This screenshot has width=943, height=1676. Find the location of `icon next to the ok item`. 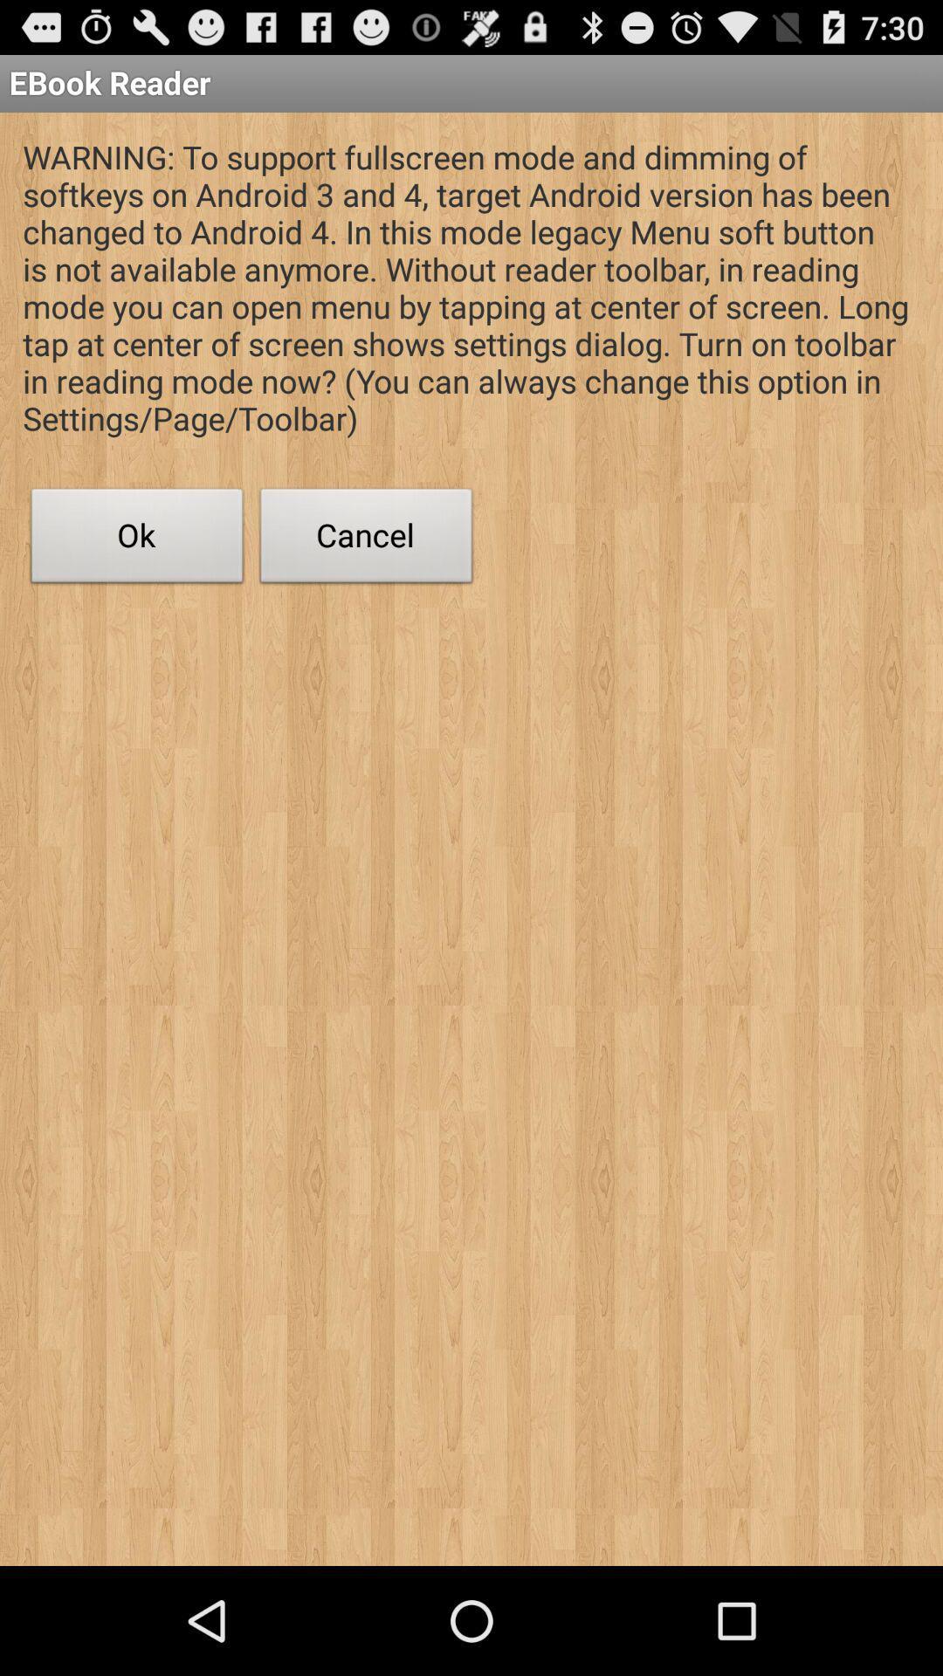

icon next to the ok item is located at coordinates (366, 539).